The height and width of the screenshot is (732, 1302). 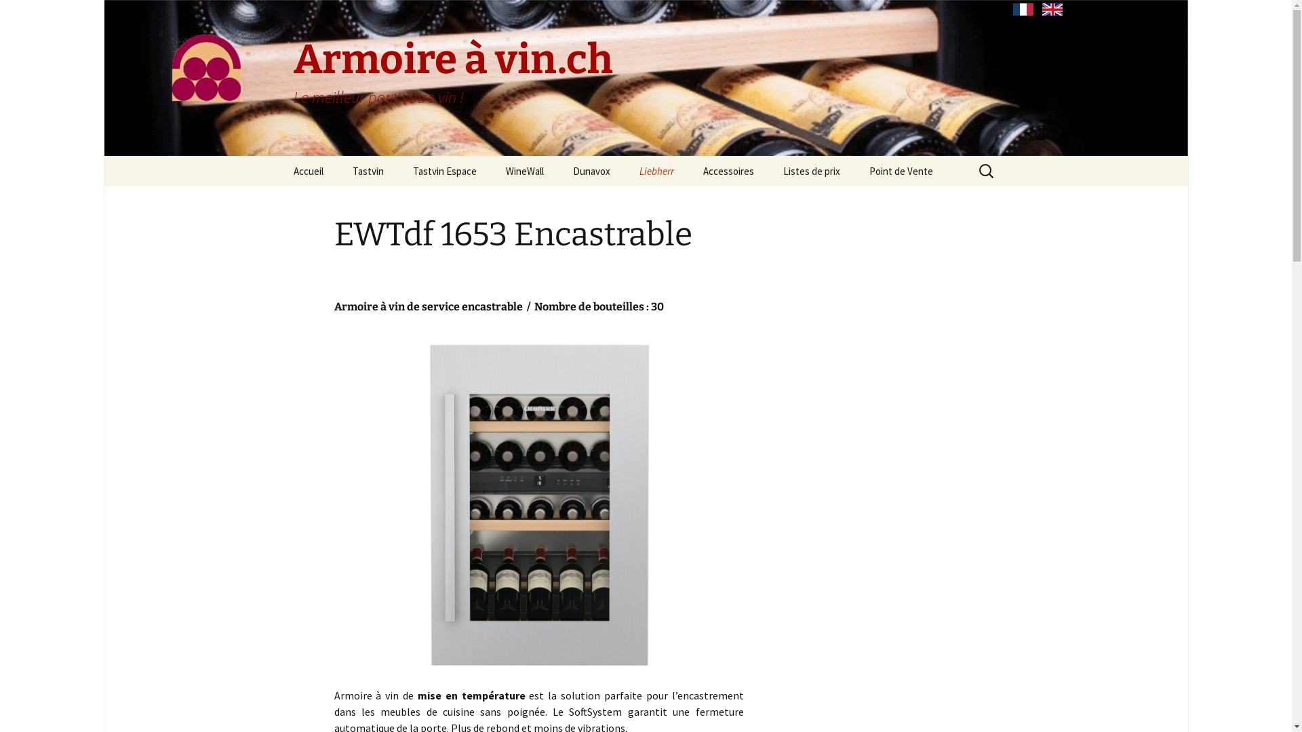 What do you see at coordinates (810, 170) in the screenshot?
I see `'Listes de prix'` at bounding box center [810, 170].